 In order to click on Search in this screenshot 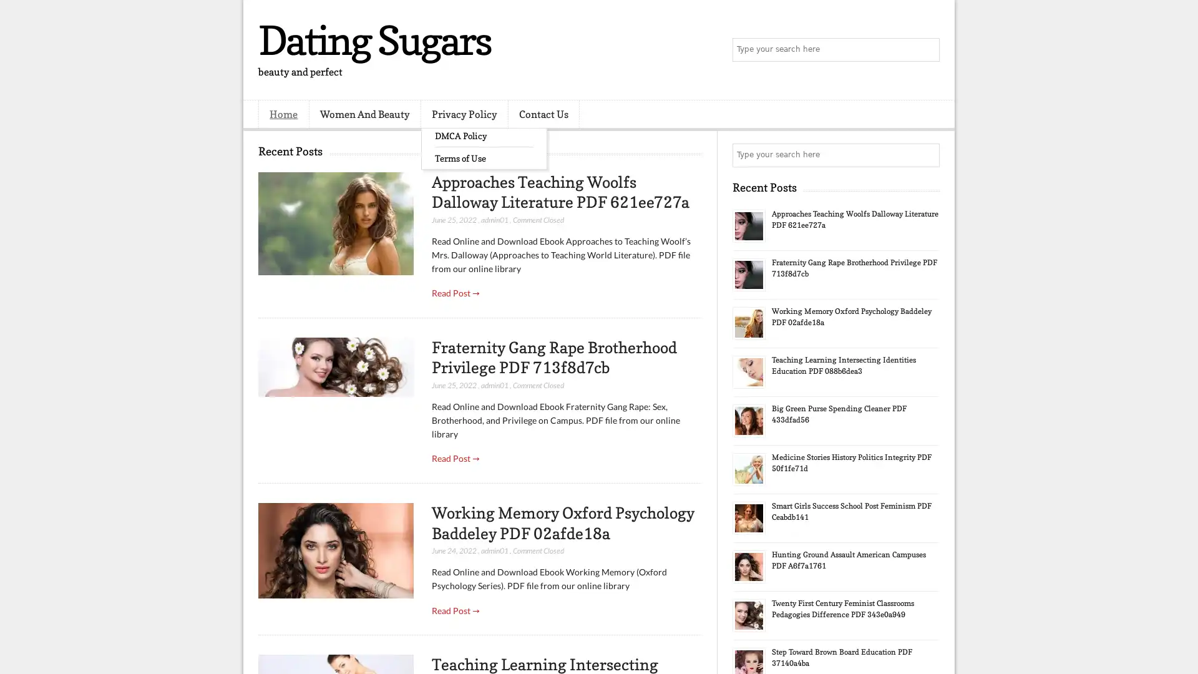, I will do `click(927, 155)`.